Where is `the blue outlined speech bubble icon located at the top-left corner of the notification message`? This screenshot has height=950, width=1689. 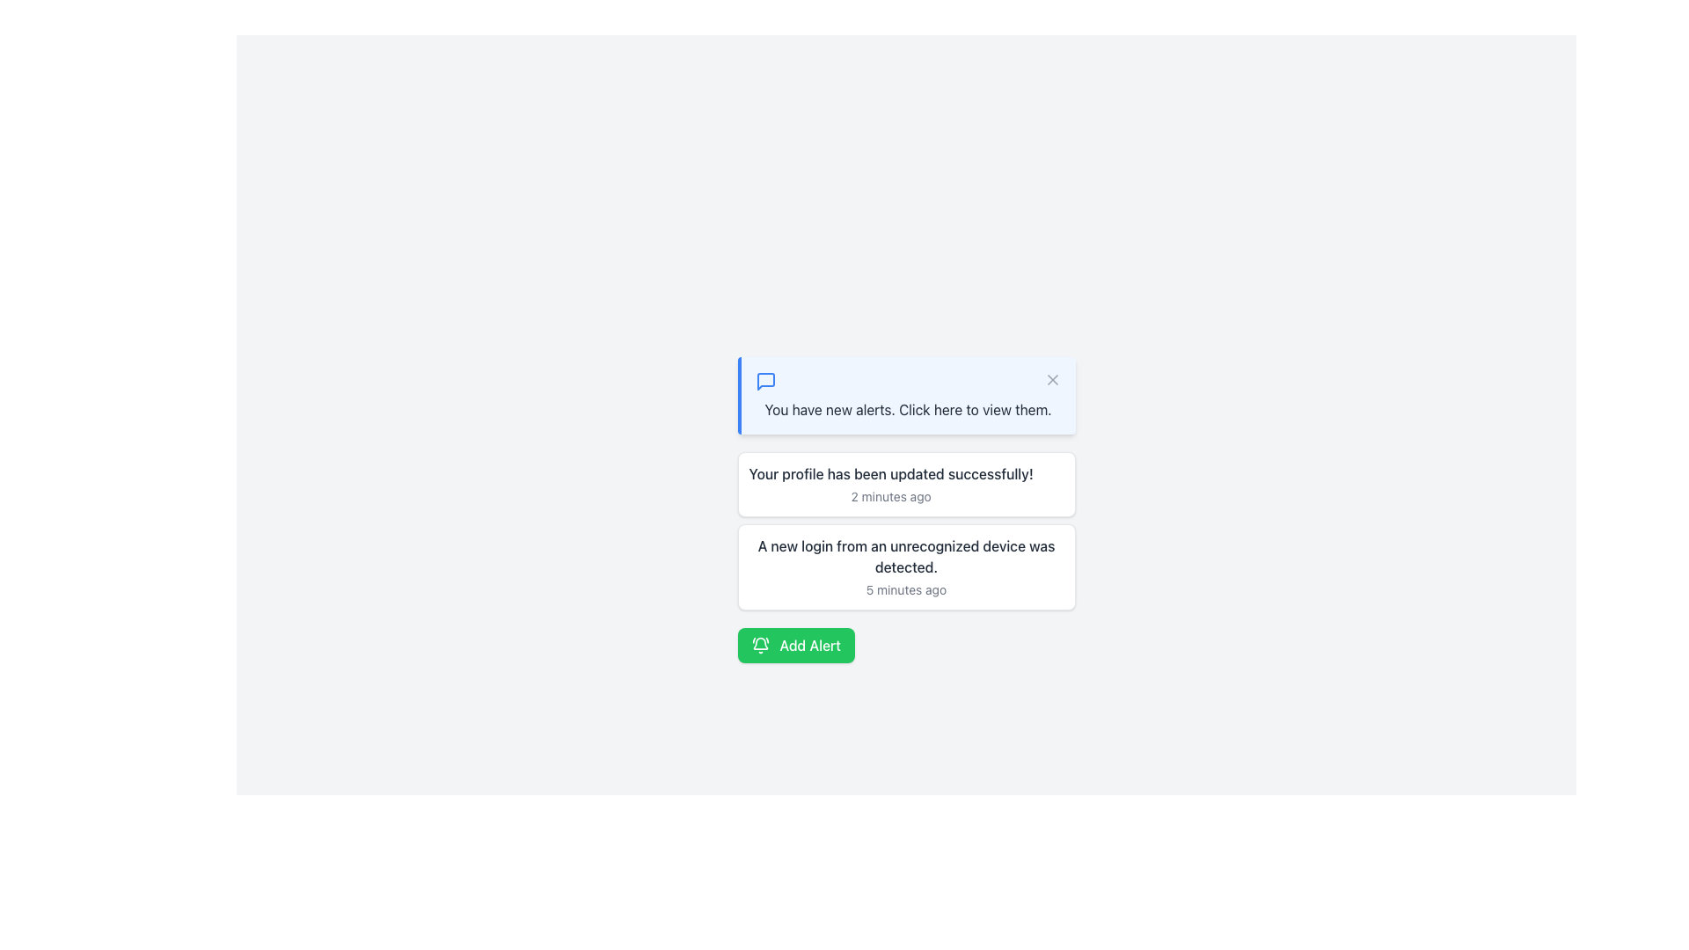
the blue outlined speech bubble icon located at the top-left corner of the notification message is located at coordinates (765, 381).